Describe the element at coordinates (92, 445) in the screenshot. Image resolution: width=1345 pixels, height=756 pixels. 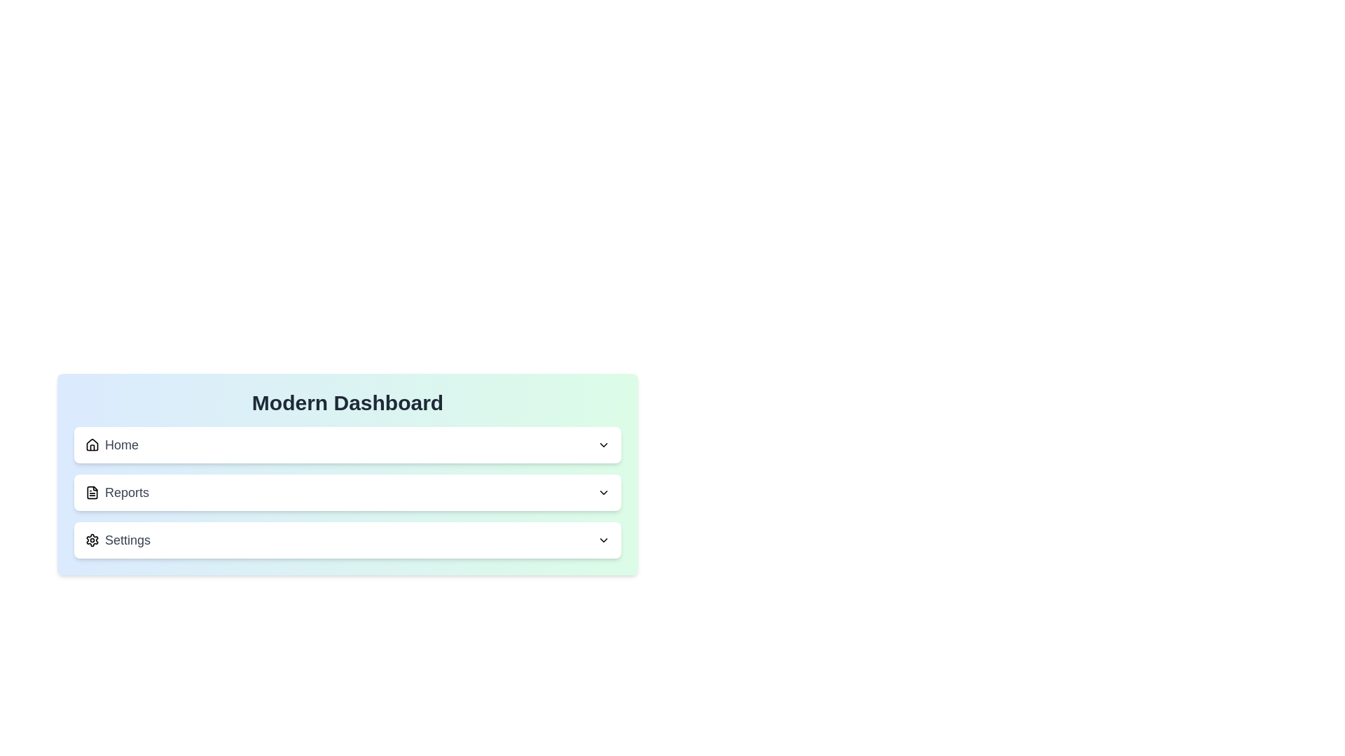
I see `the house icon located in the top-left part of the menu panel, which is positioned beside the 'Home' label and above the 'Reports' entry` at that location.